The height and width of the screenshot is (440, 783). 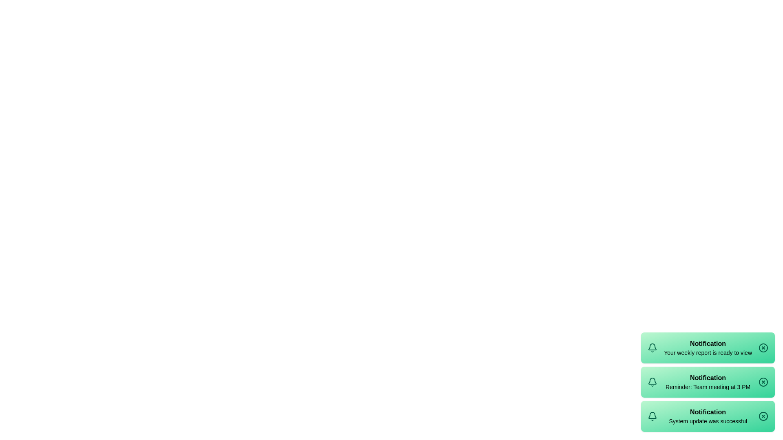 I want to click on the notification bell icon in the notification panel, so click(x=652, y=348).